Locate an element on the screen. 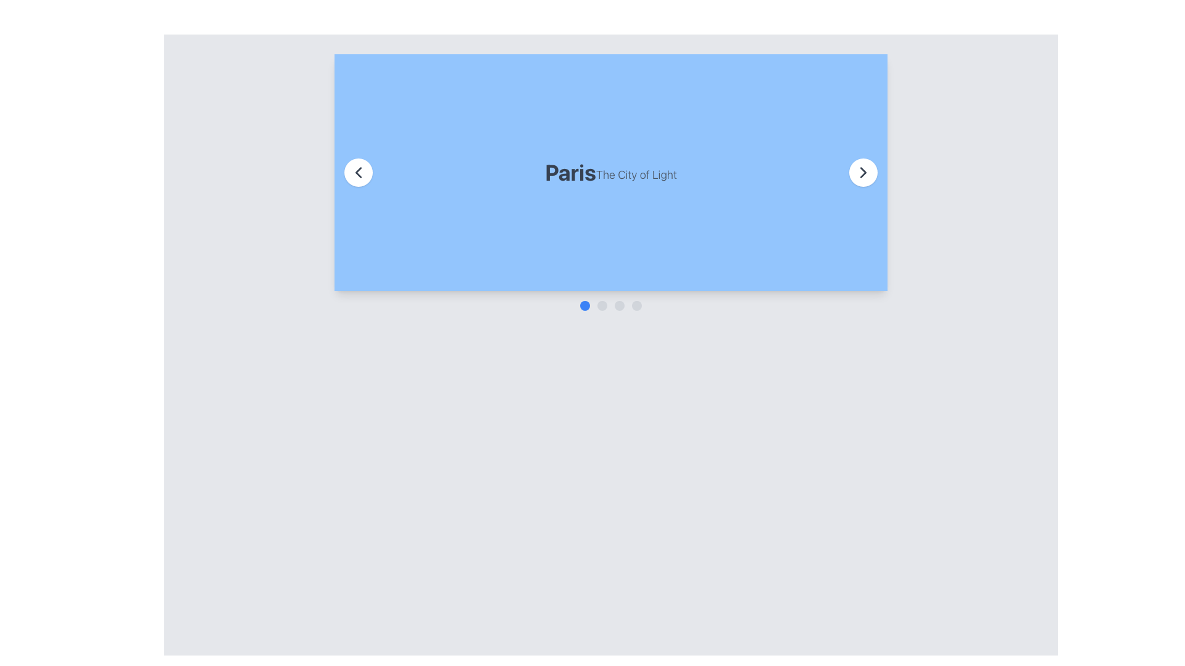 The width and height of the screenshot is (1185, 666). the subtitle text that complements the main title 'Paris', located immediately to its right in the blue section is located at coordinates (636, 175).